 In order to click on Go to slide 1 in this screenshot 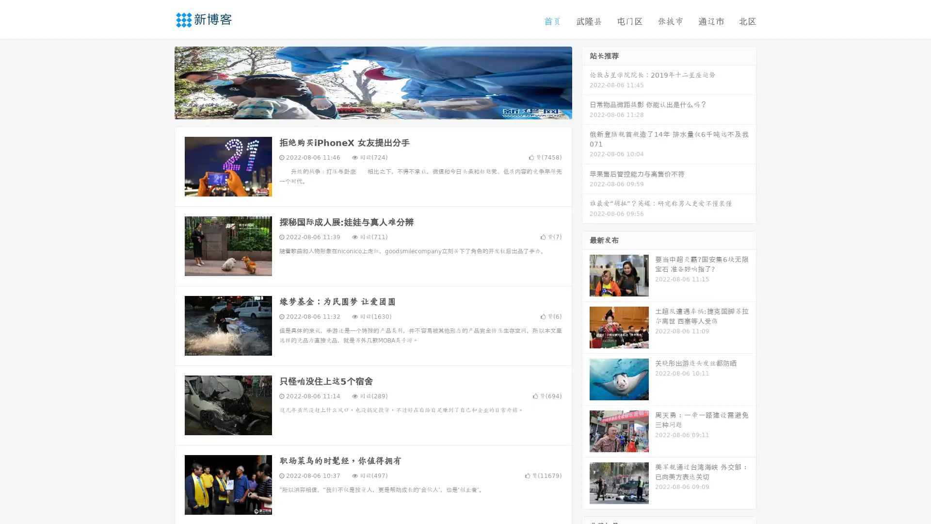, I will do `click(363, 109)`.